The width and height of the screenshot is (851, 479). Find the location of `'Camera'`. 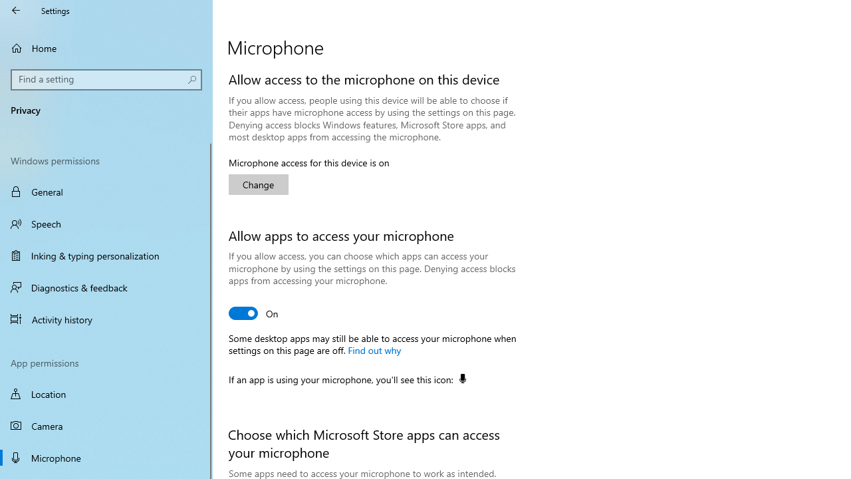

'Camera' is located at coordinates (106, 426).